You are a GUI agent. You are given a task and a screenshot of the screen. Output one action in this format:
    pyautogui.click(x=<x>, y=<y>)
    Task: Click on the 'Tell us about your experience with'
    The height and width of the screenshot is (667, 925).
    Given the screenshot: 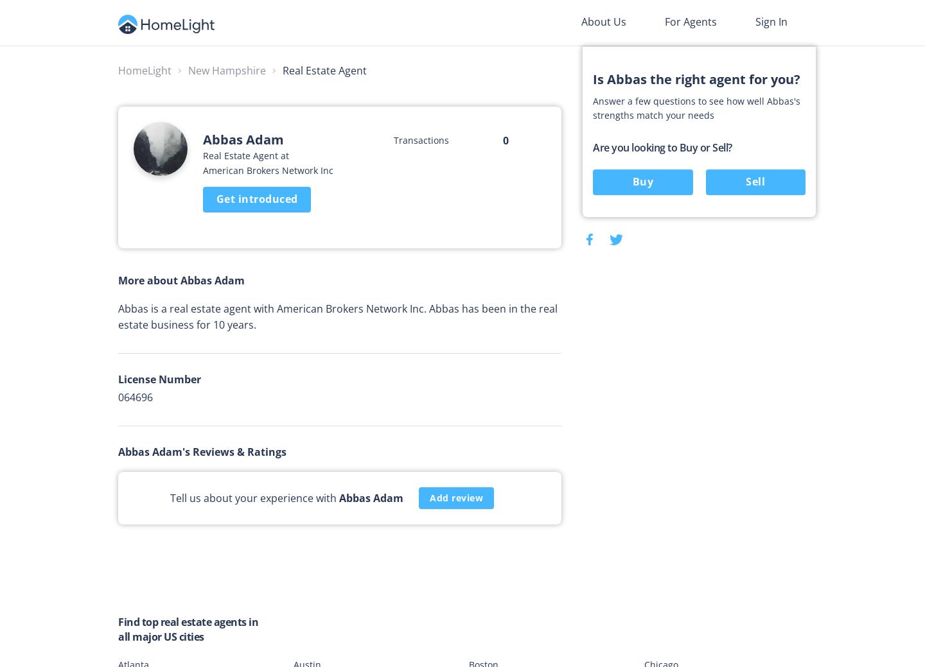 What is the action you would take?
    pyautogui.click(x=254, y=496)
    